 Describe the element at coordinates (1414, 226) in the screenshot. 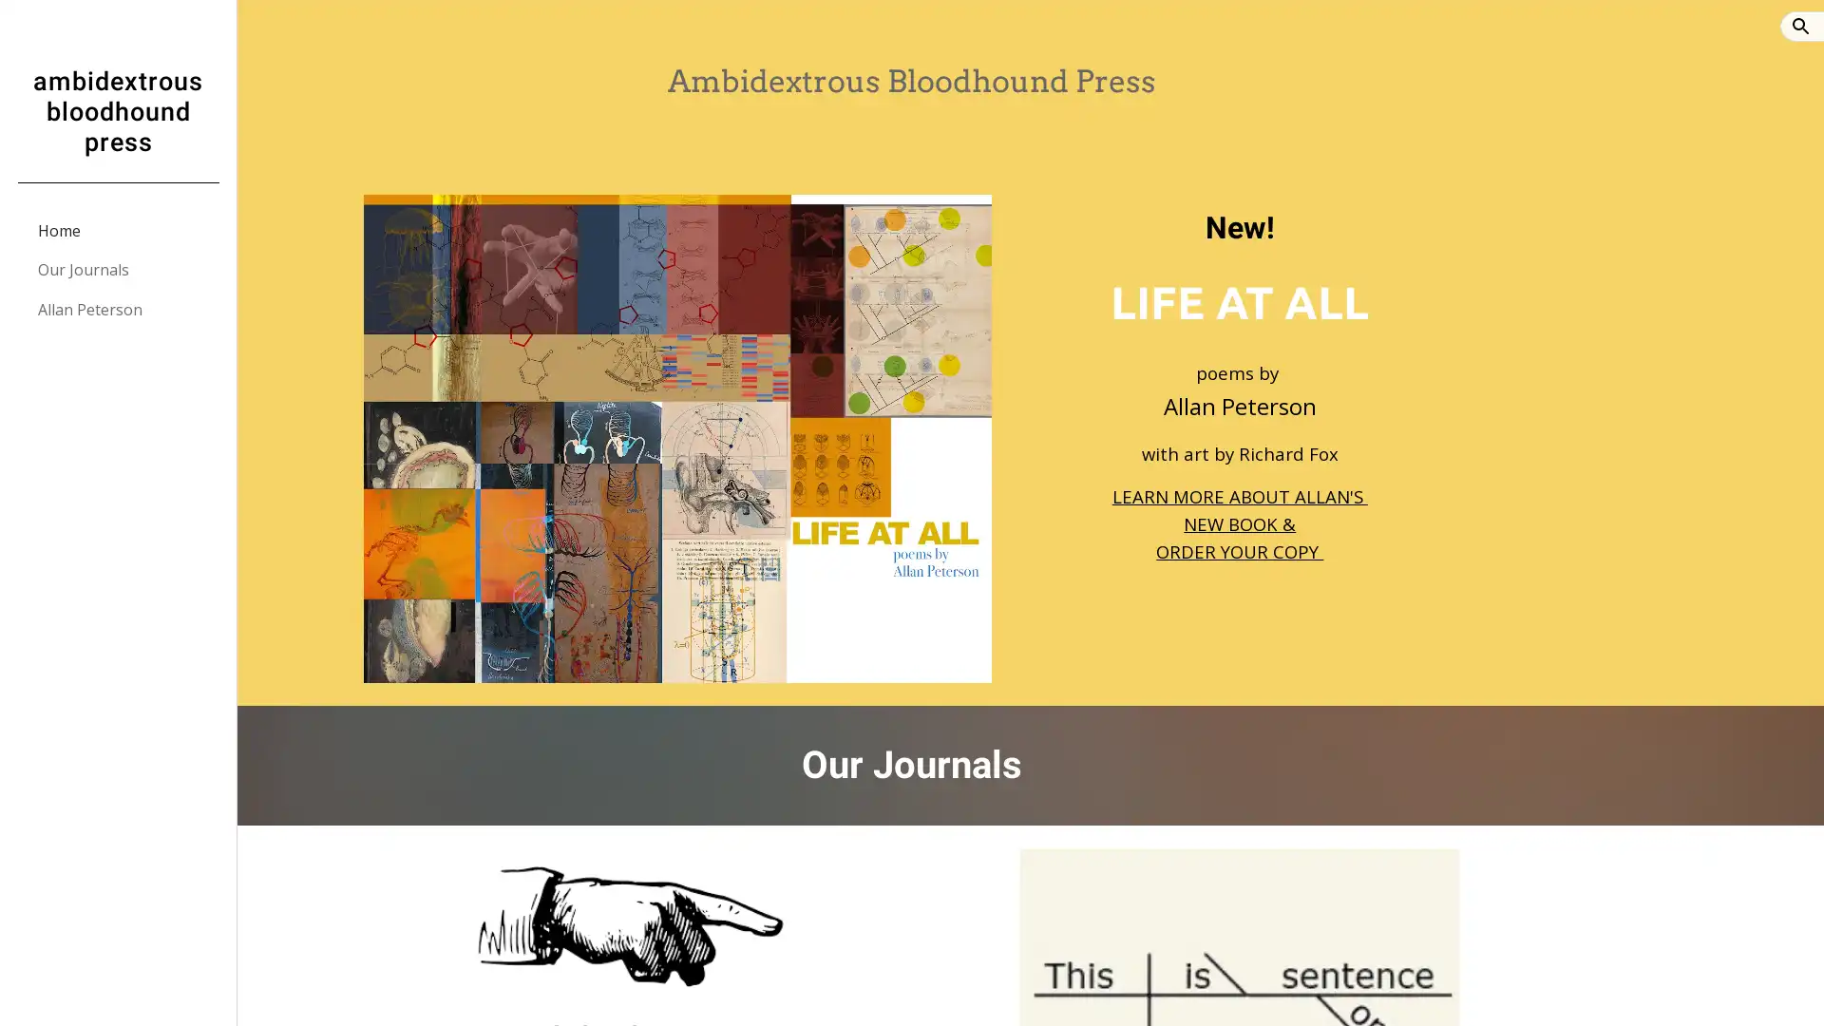

I see `Copy heading link` at that location.